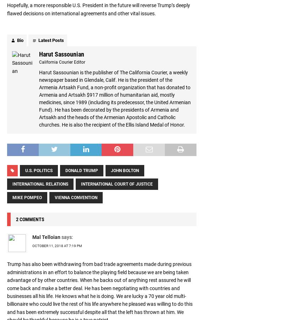 This screenshot has width=302, height=320. Describe the element at coordinates (57, 245) in the screenshot. I see `'October 11, 2018 at 7:19 pm'` at that location.